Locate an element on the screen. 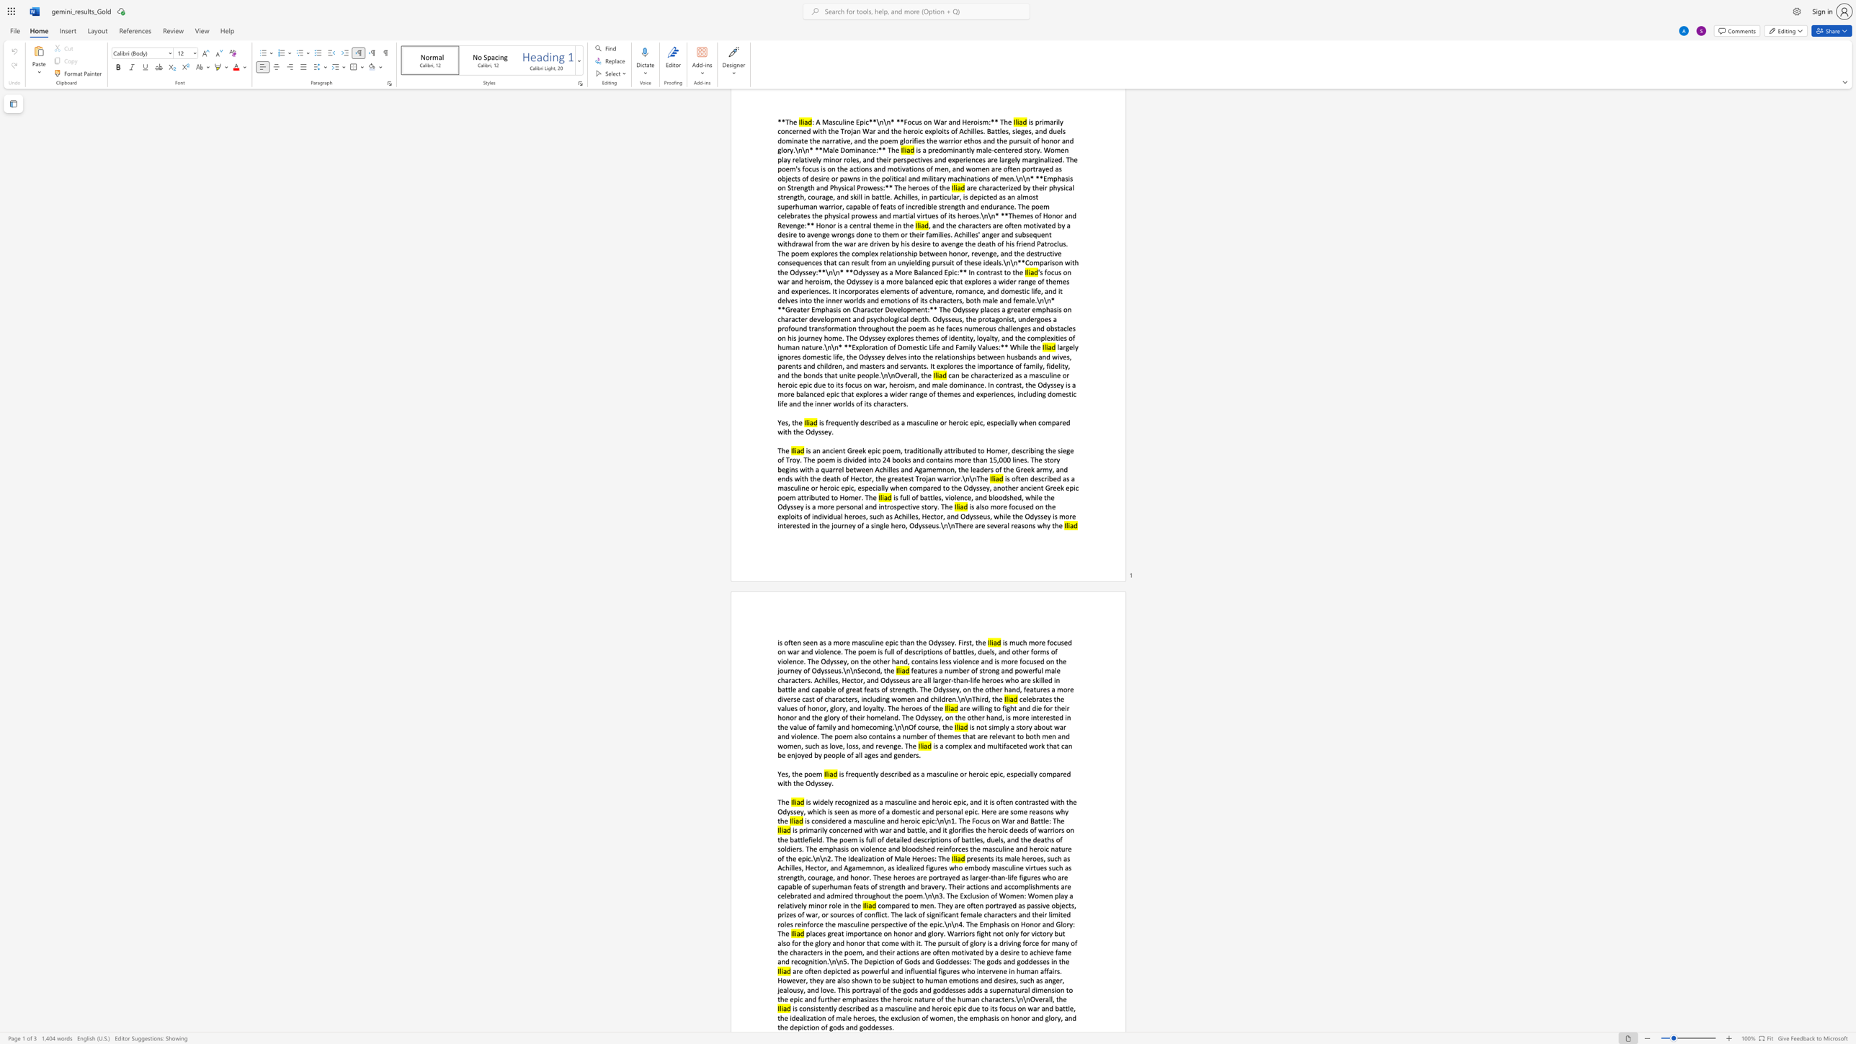 The height and width of the screenshot is (1044, 1856). the subset text "pic due to its focus on war and battle, the idealization of male heroes, the exclusion of women, t" within the text "is consistently described as a masculine and heroic epic due to its focus on war and battle, the idealization of male heroes, the exclusion of women, the emphasis on honor and glory, and the depiction of gods and goddesses." is located at coordinates (957, 1008).